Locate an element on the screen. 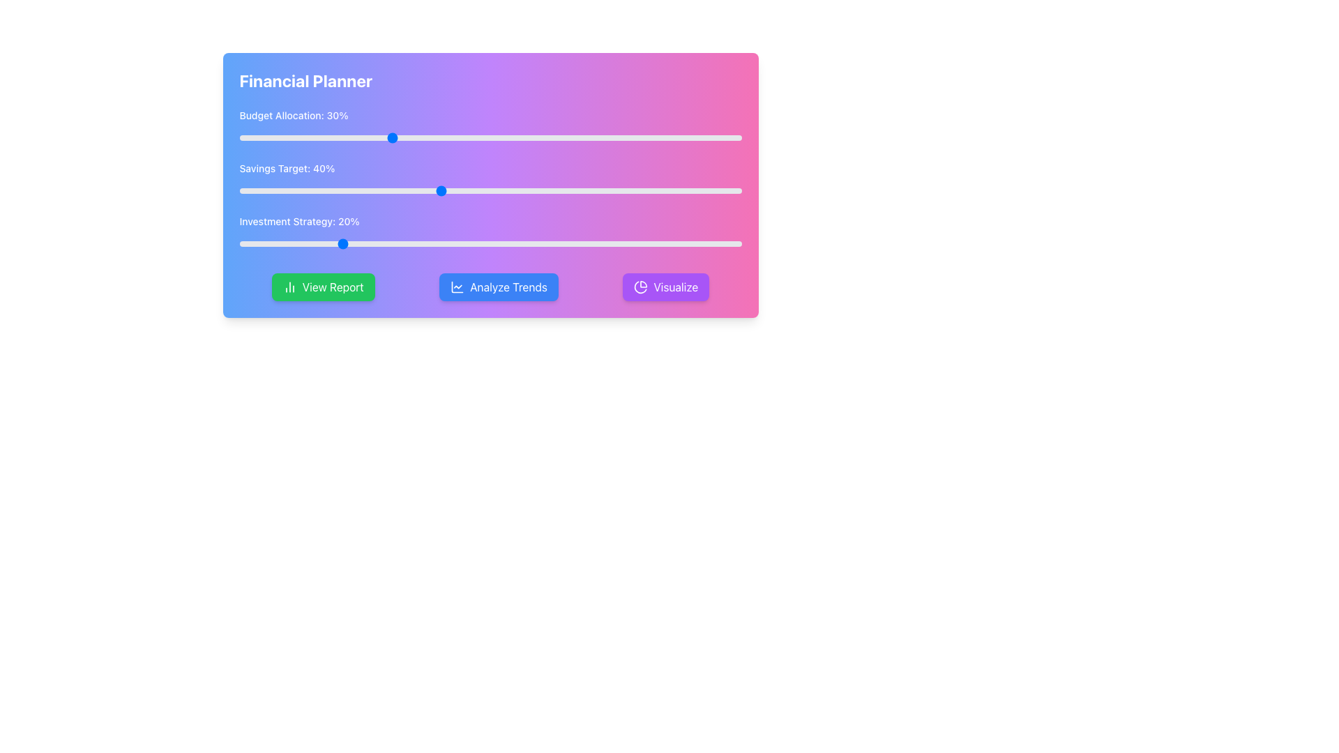 Image resolution: width=1339 pixels, height=753 pixels. the savings target is located at coordinates (430, 190).